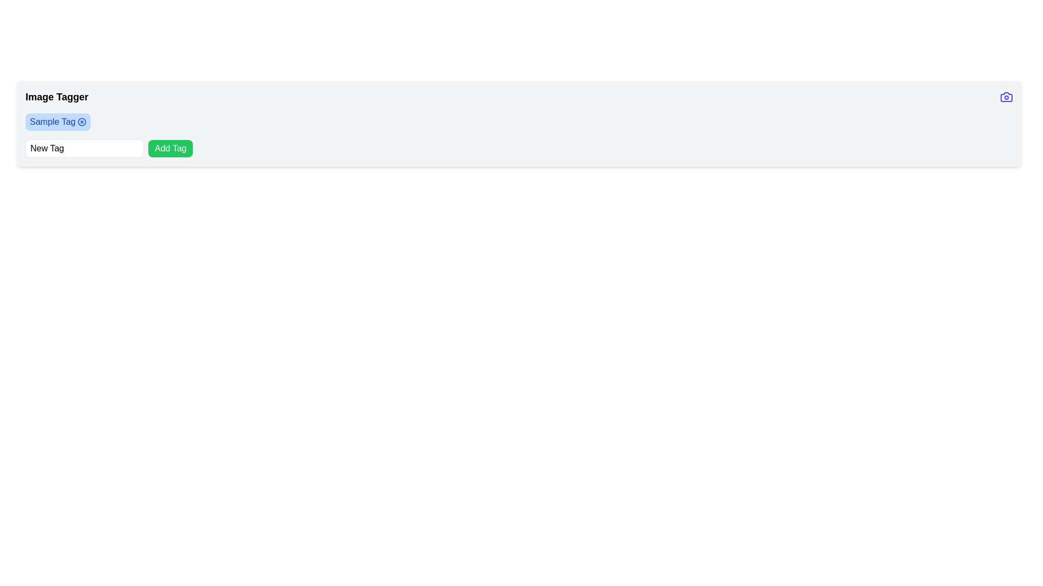 The height and width of the screenshot is (586, 1043). I want to click on the bolded text element displaying 'Image Tagger', so click(56, 96).